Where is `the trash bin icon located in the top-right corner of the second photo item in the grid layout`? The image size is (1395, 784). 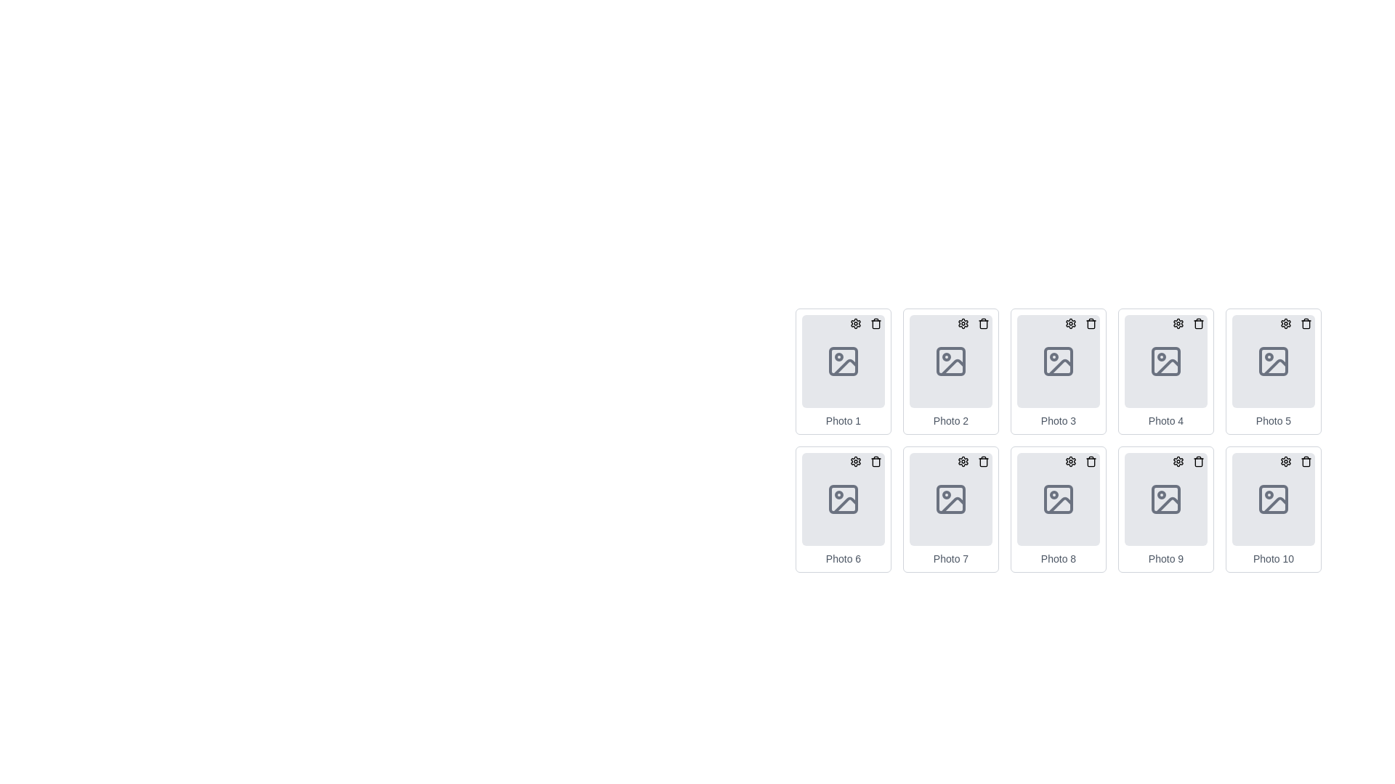 the trash bin icon located in the top-right corner of the second photo item in the grid layout is located at coordinates (983, 323).